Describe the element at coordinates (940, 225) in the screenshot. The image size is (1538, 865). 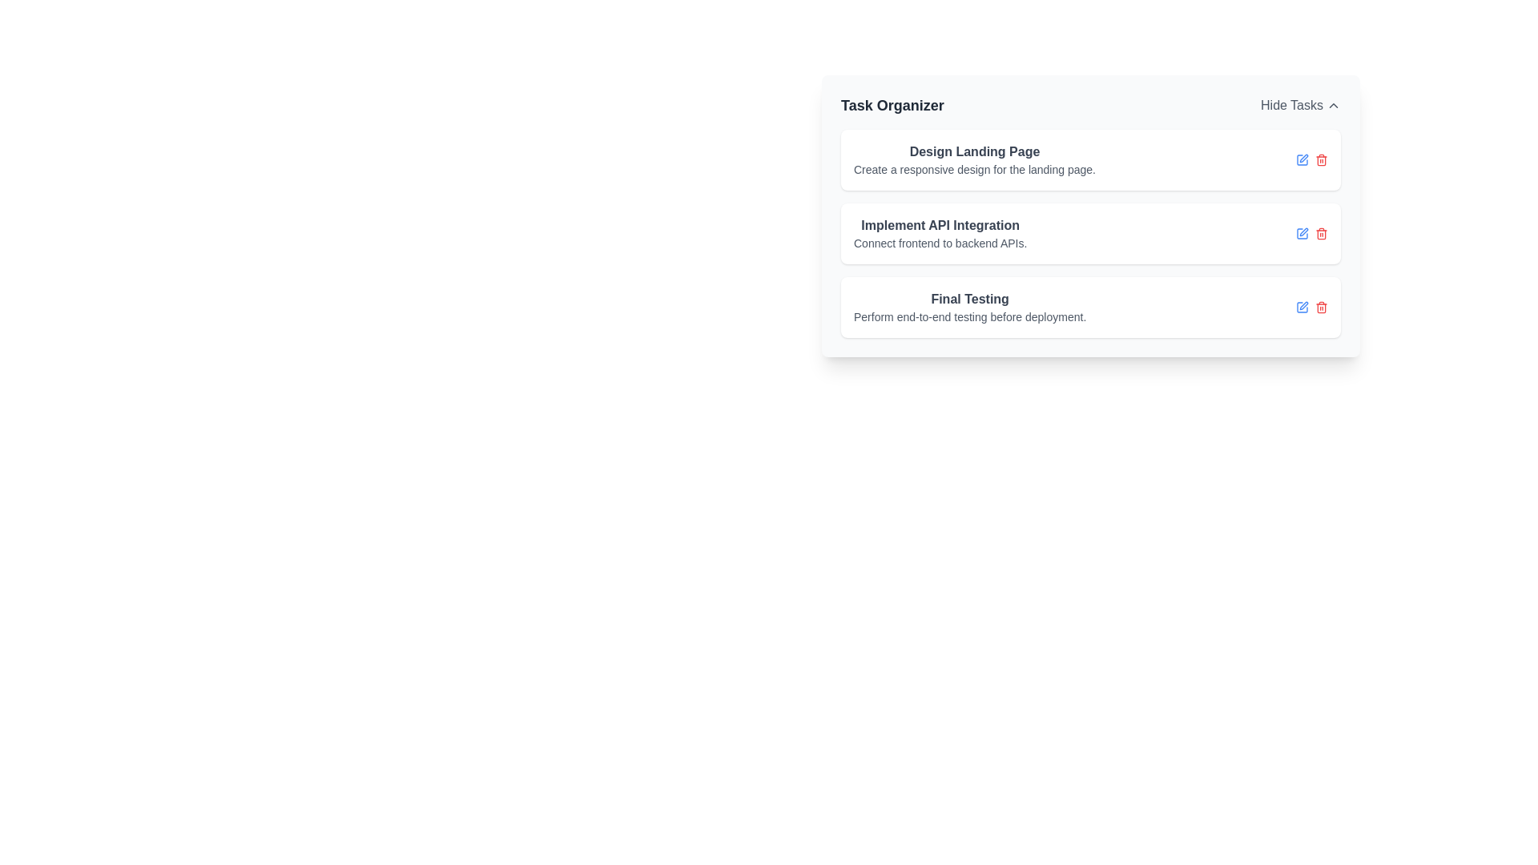
I see `the text in the title header of the second task in the 'Task Organizer' panel, which summarizes the task's content and purpose, to enable copying or other actions` at that location.